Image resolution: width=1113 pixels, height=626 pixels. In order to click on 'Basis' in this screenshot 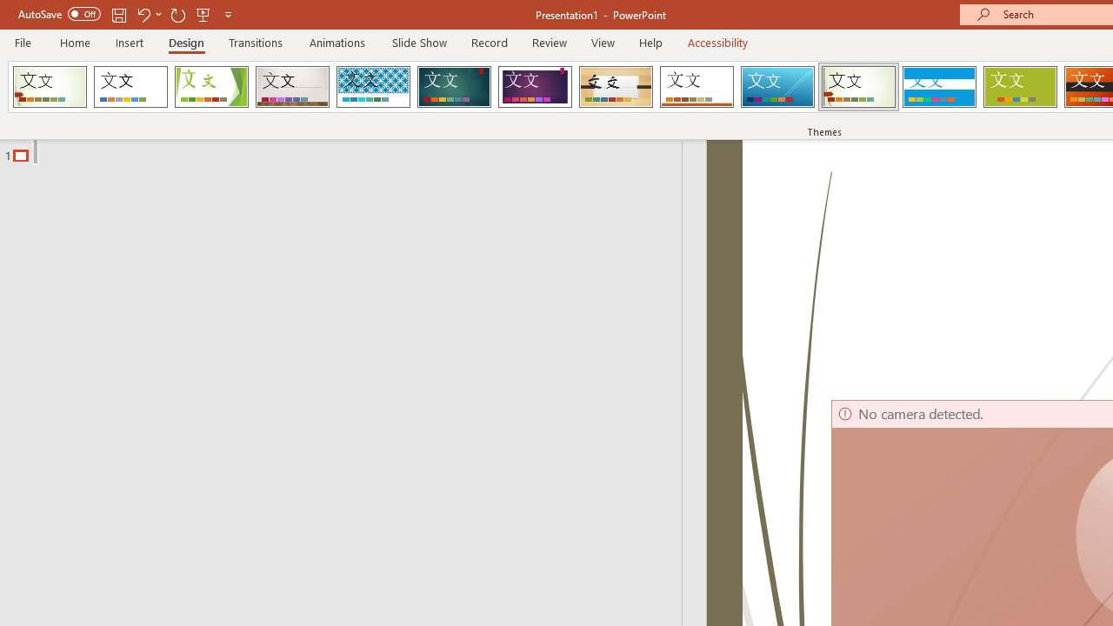, I will do `click(1020, 87)`.